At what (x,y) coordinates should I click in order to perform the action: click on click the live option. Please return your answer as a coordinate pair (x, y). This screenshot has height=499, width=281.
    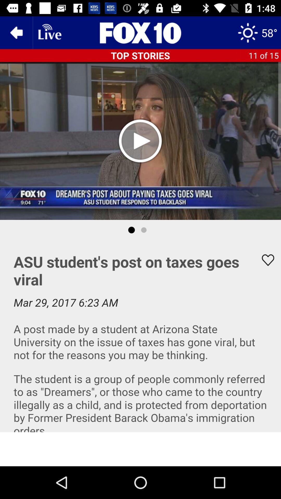
    Looking at the image, I should click on (49, 32).